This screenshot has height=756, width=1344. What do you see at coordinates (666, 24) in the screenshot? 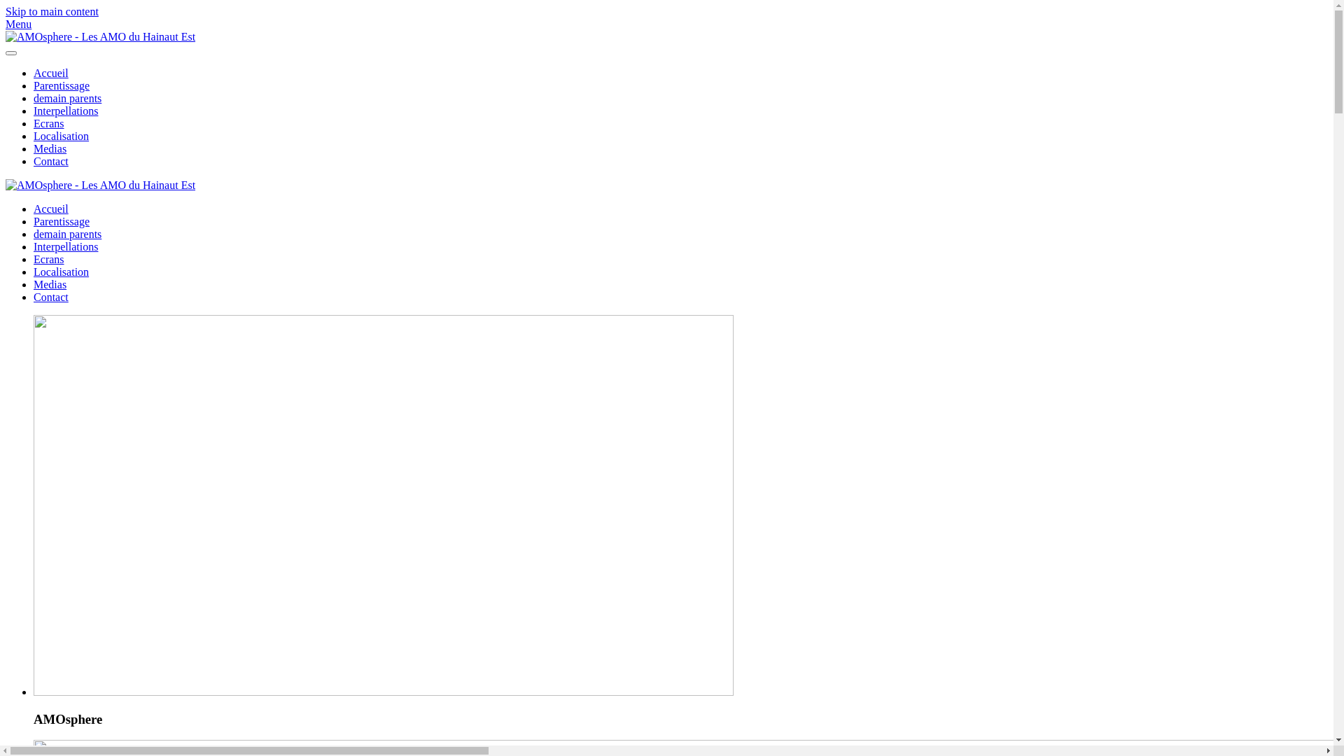
I see `'Menu'` at bounding box center [666, 24].